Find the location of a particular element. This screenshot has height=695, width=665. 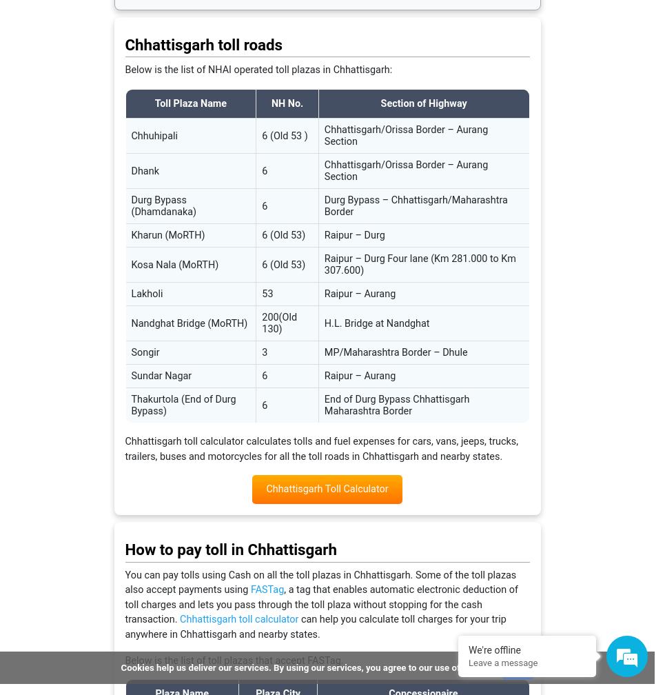

'Durg Bypass – Chhattisgarh/Maharashtra Border' is located at coordinates (415, 205).